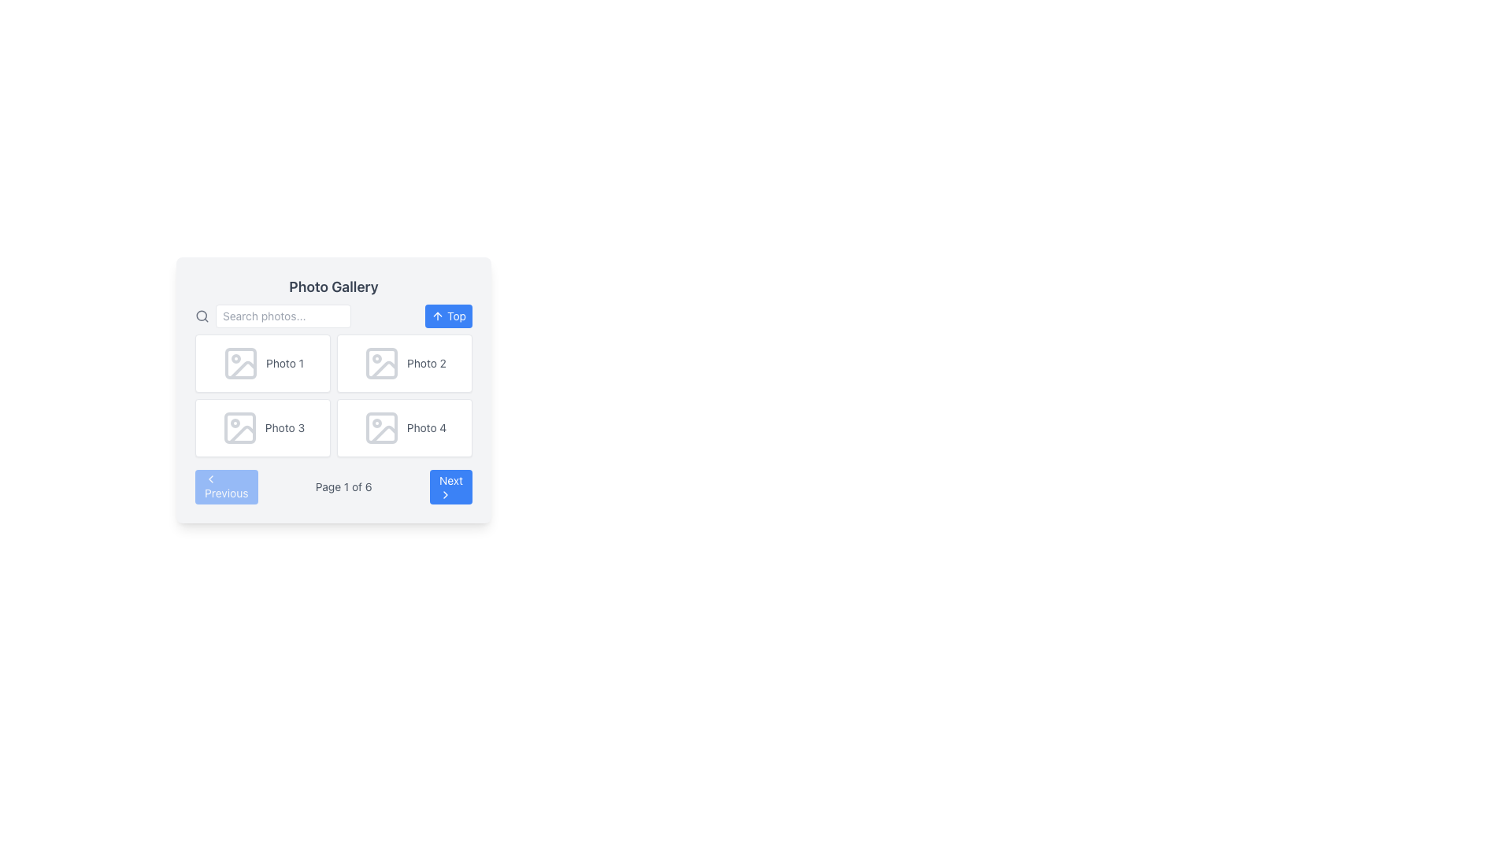 This screenshot has height=850, width=1512. What do you see at coordinates (404, 427) in the screenshot?
I see `the fourth card in the 'Photo Gallery' section, which contains a placeholder image icon next to the text 'Photo 4'` at bounding box center [404, 427].